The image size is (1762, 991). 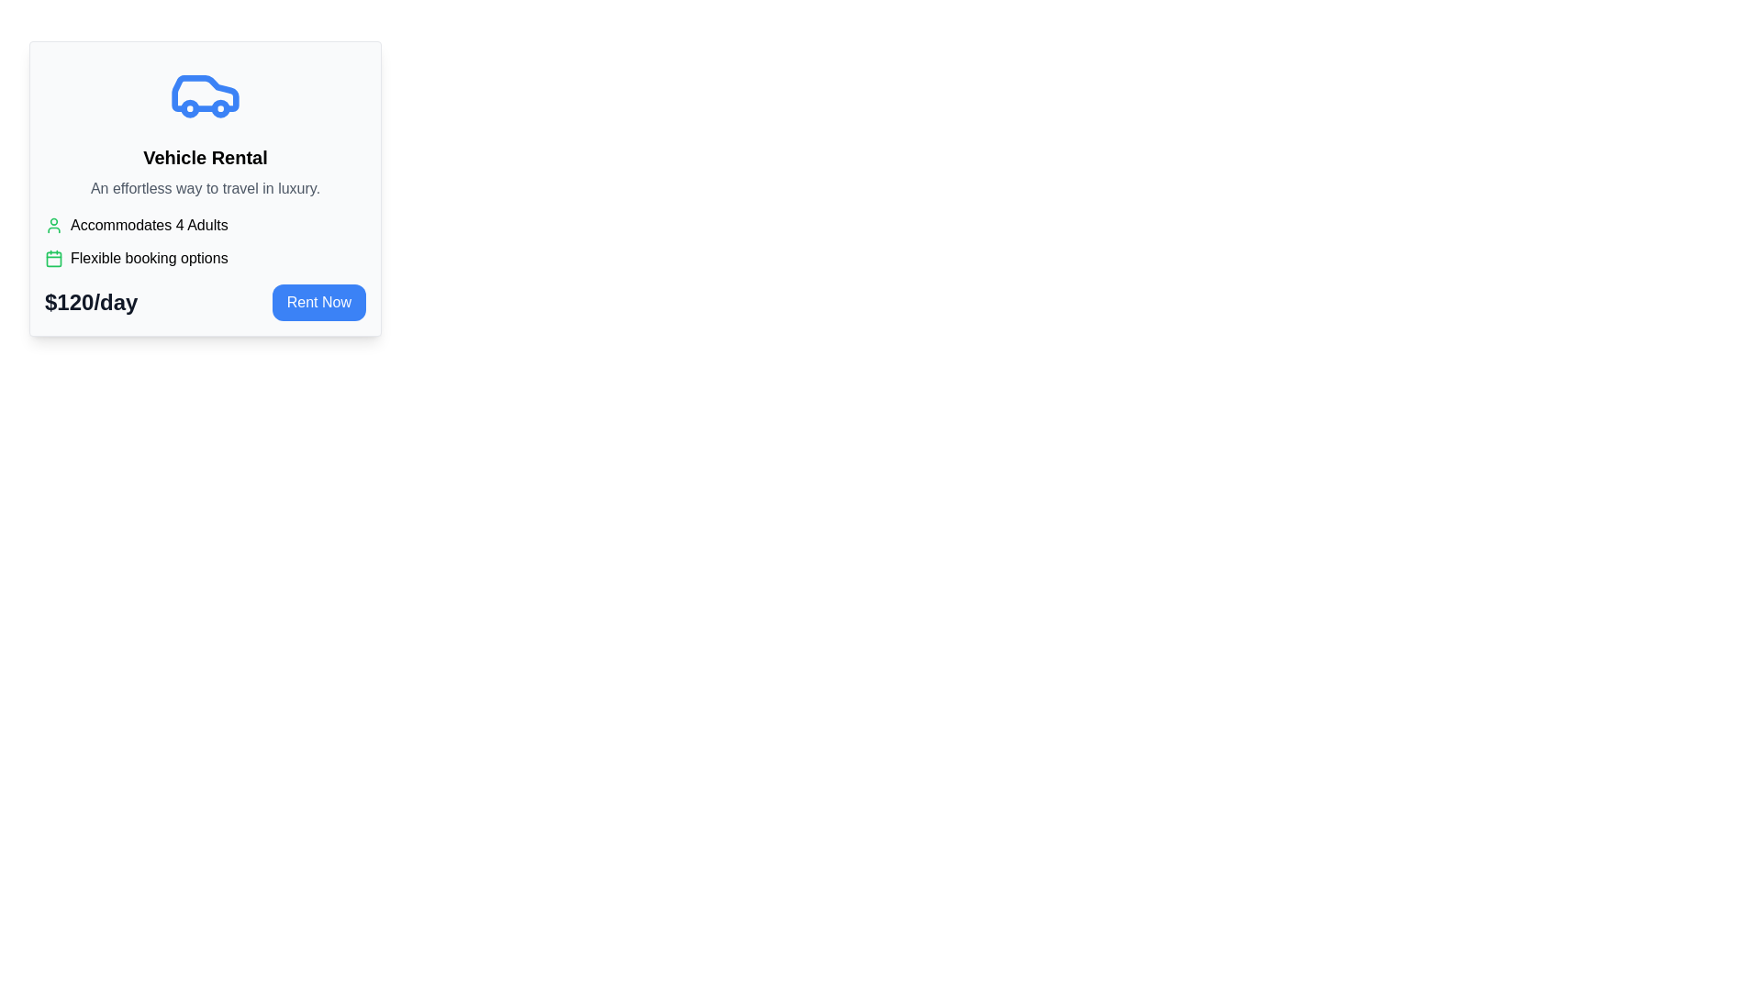 What do you see at coordinates (318, 302) in the screenshot?
I see `the blue rectangular 'Rent Now' button with rounded edges` at bounding box center [318, 302].